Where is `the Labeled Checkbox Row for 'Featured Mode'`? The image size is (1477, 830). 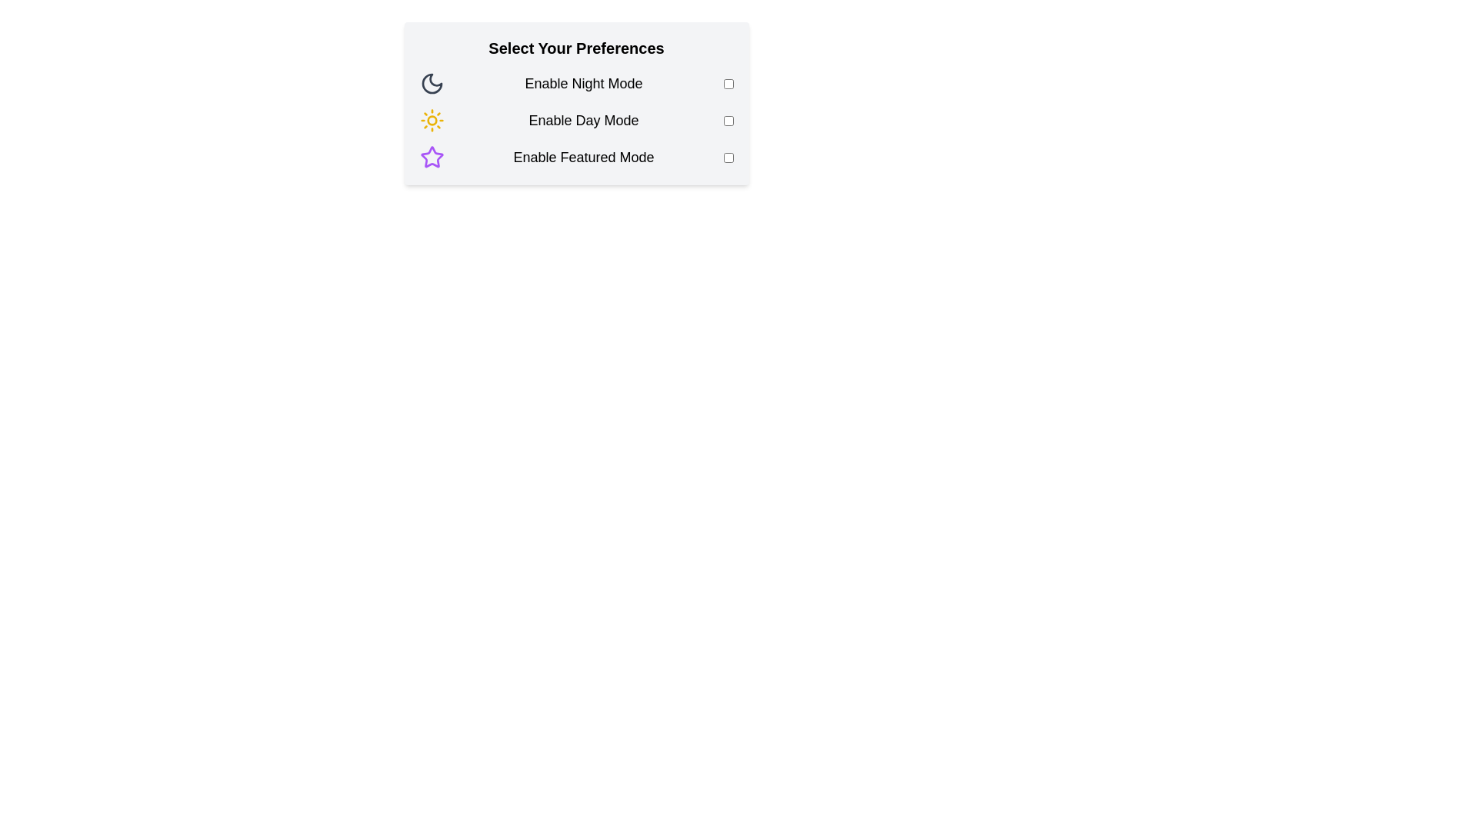
the Labeled Checkbox Row for 'Featured Mode' is located at coordinates (575, 157).